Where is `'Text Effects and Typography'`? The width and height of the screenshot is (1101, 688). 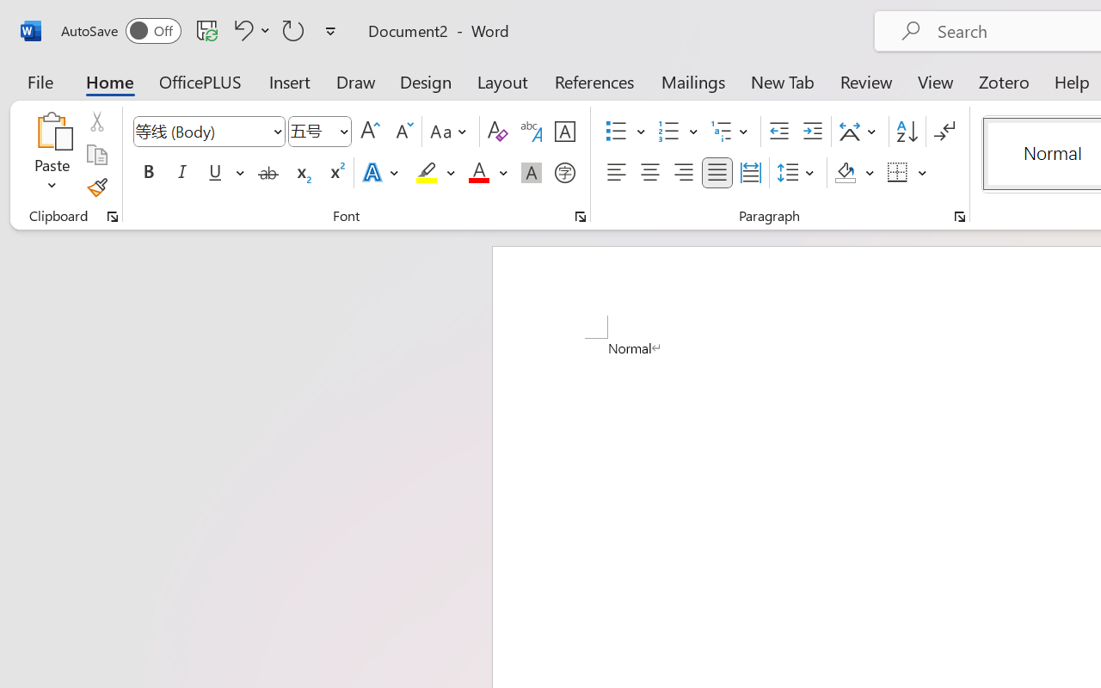
'Text Effects and Typography' is located at coordinates (381, 173).